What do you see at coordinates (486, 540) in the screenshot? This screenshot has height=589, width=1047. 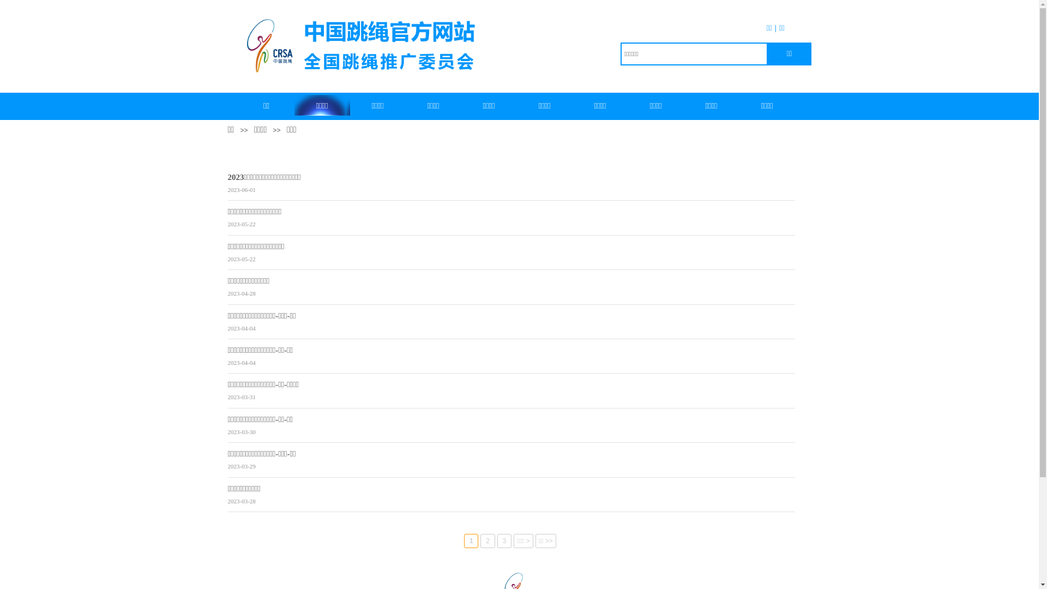 I see `'2'` at bounding box center [486, 540].